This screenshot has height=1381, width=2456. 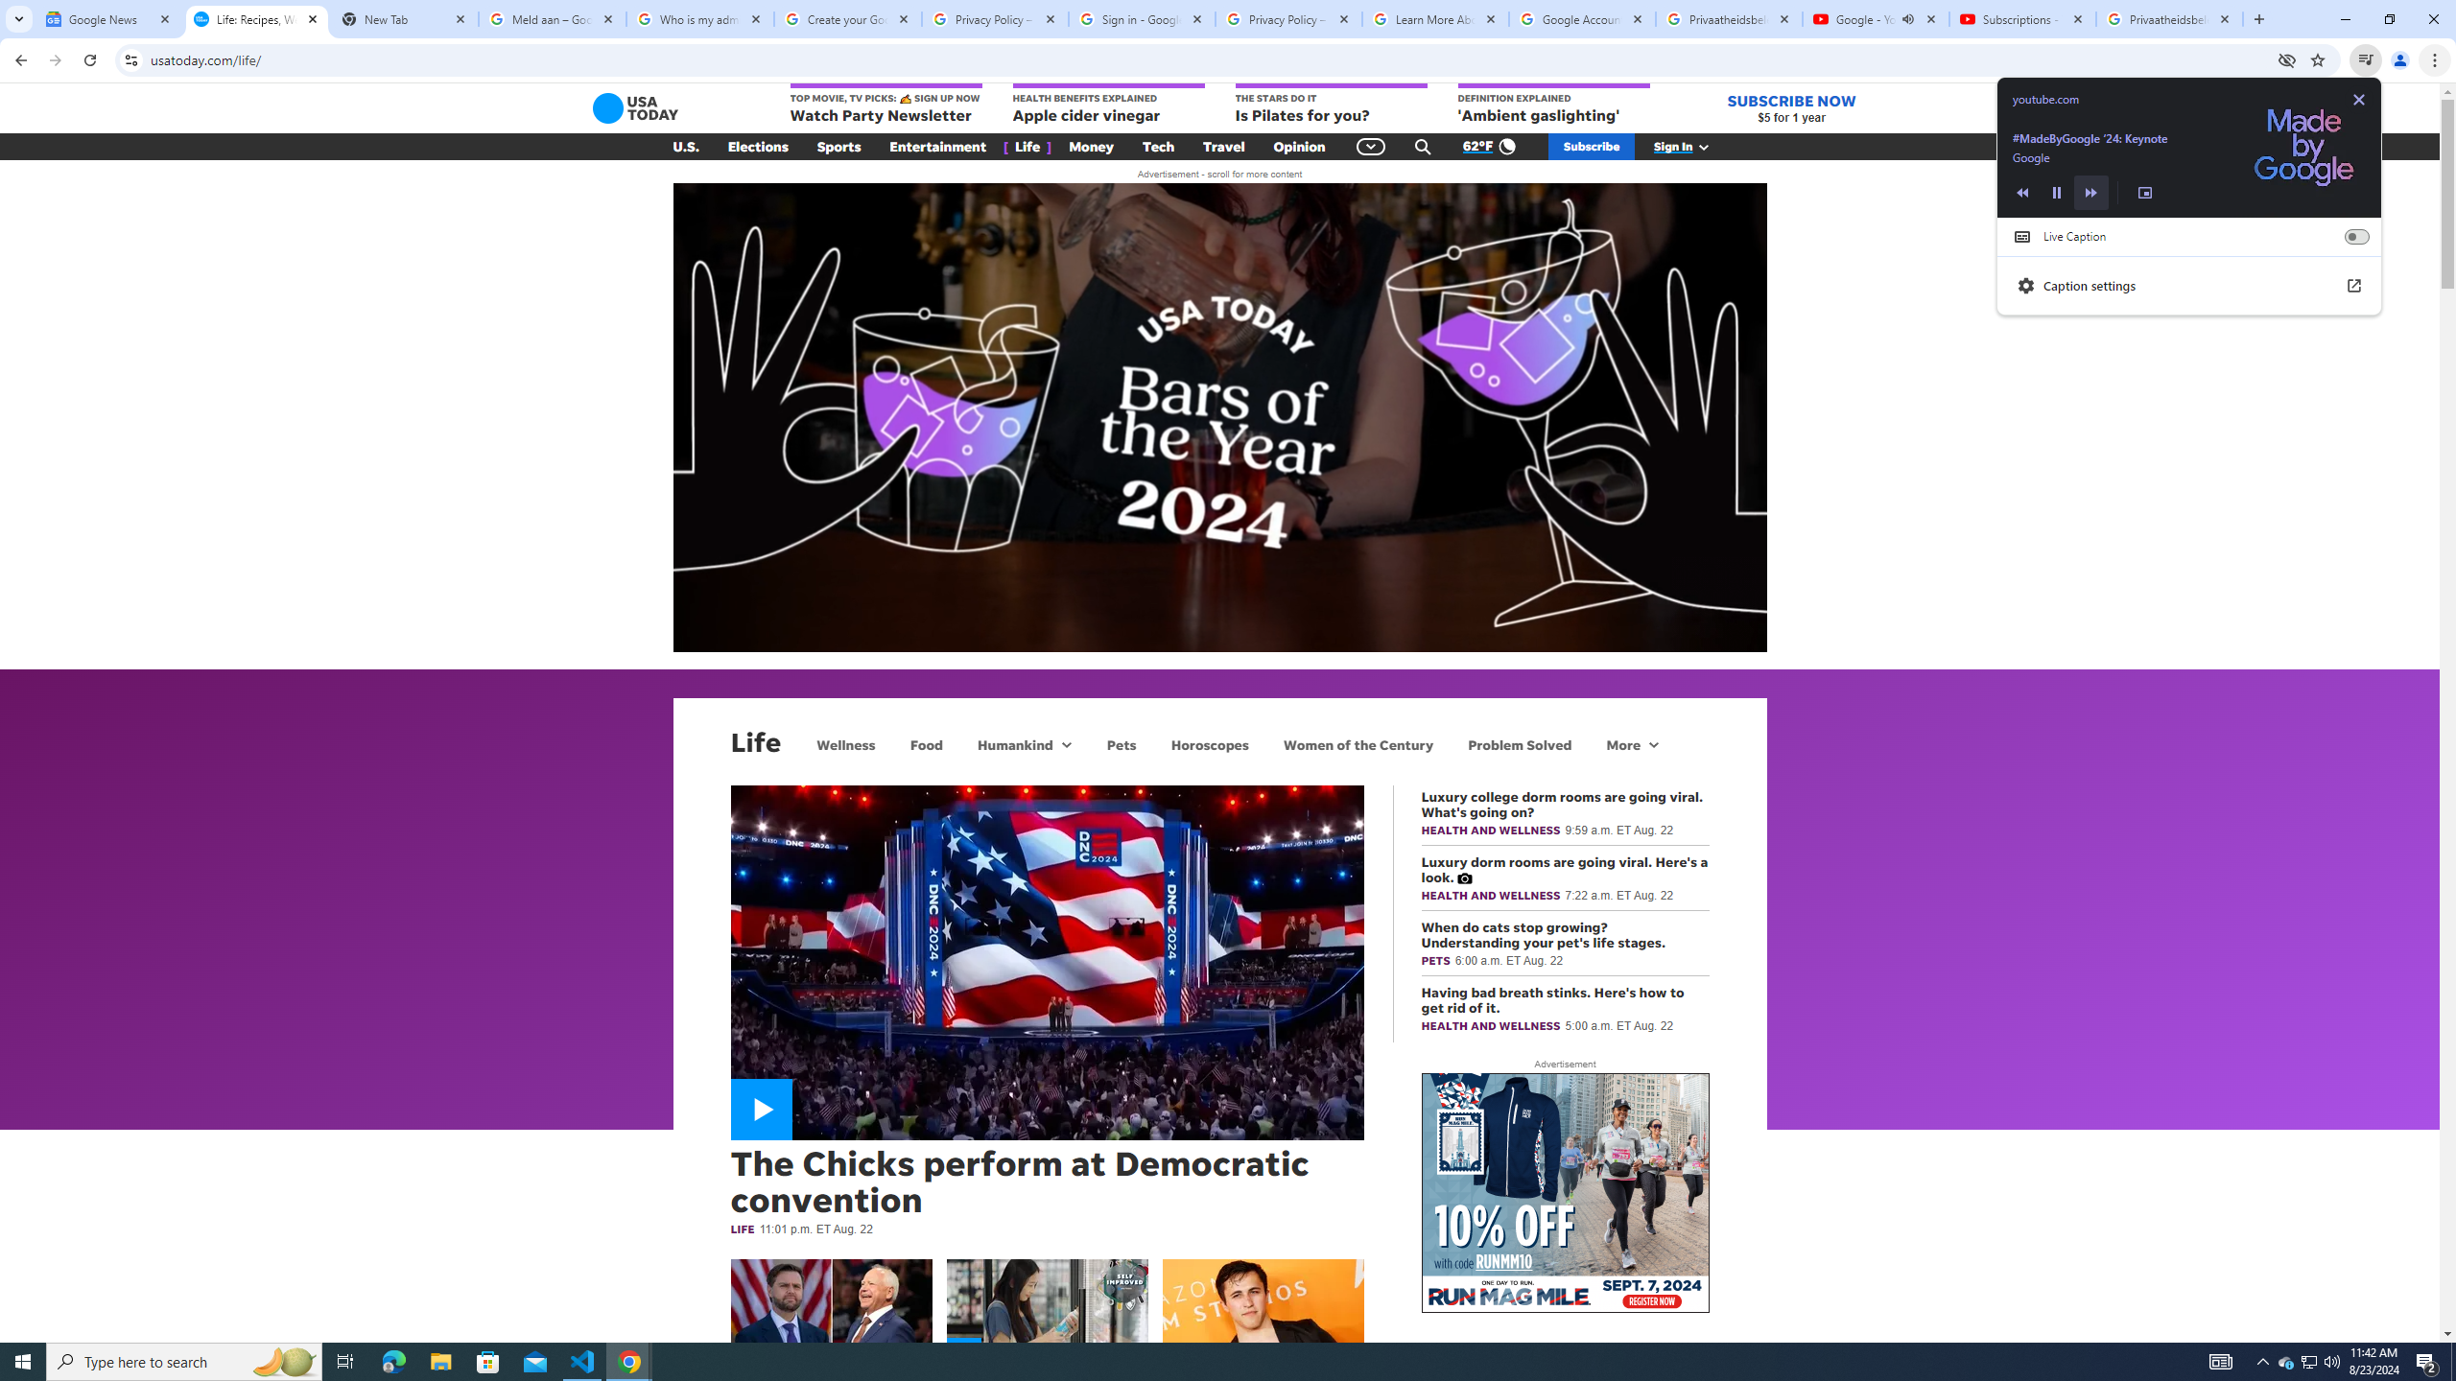 I want to click on 'HEALTH BENEFITS EXPLAINED Apple cider vinegar', so click(x=1107, y=104).